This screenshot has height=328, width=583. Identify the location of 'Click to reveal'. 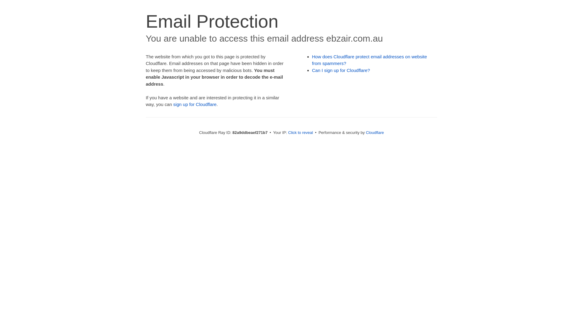
(300, 132).